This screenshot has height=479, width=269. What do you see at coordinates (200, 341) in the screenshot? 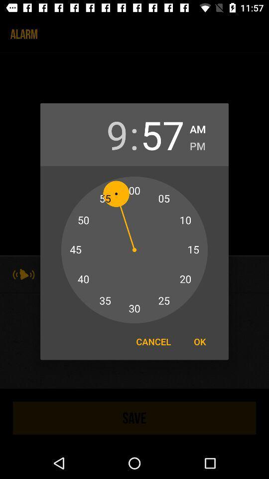
I see `the ok icon` at bounding box center [200, 341].